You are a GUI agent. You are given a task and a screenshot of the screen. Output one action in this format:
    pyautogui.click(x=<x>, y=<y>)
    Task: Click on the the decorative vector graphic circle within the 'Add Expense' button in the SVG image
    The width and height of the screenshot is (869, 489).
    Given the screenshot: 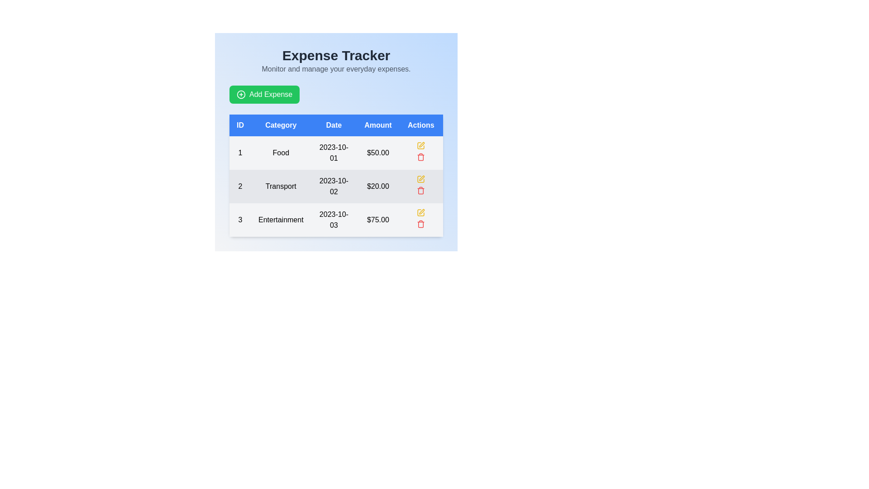 What is the action you would take?
    pyautogui.click(x=241, y=94)
    